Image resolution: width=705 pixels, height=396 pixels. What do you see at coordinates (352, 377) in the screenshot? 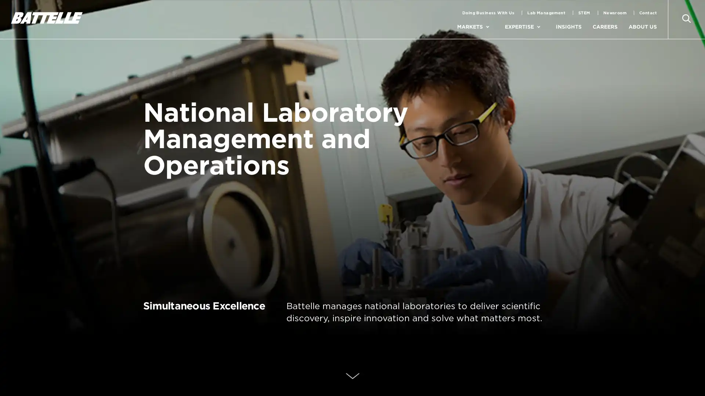
I see `SCROLL DOWN TO NEXT SECTION` at bounding box center [352, 377].